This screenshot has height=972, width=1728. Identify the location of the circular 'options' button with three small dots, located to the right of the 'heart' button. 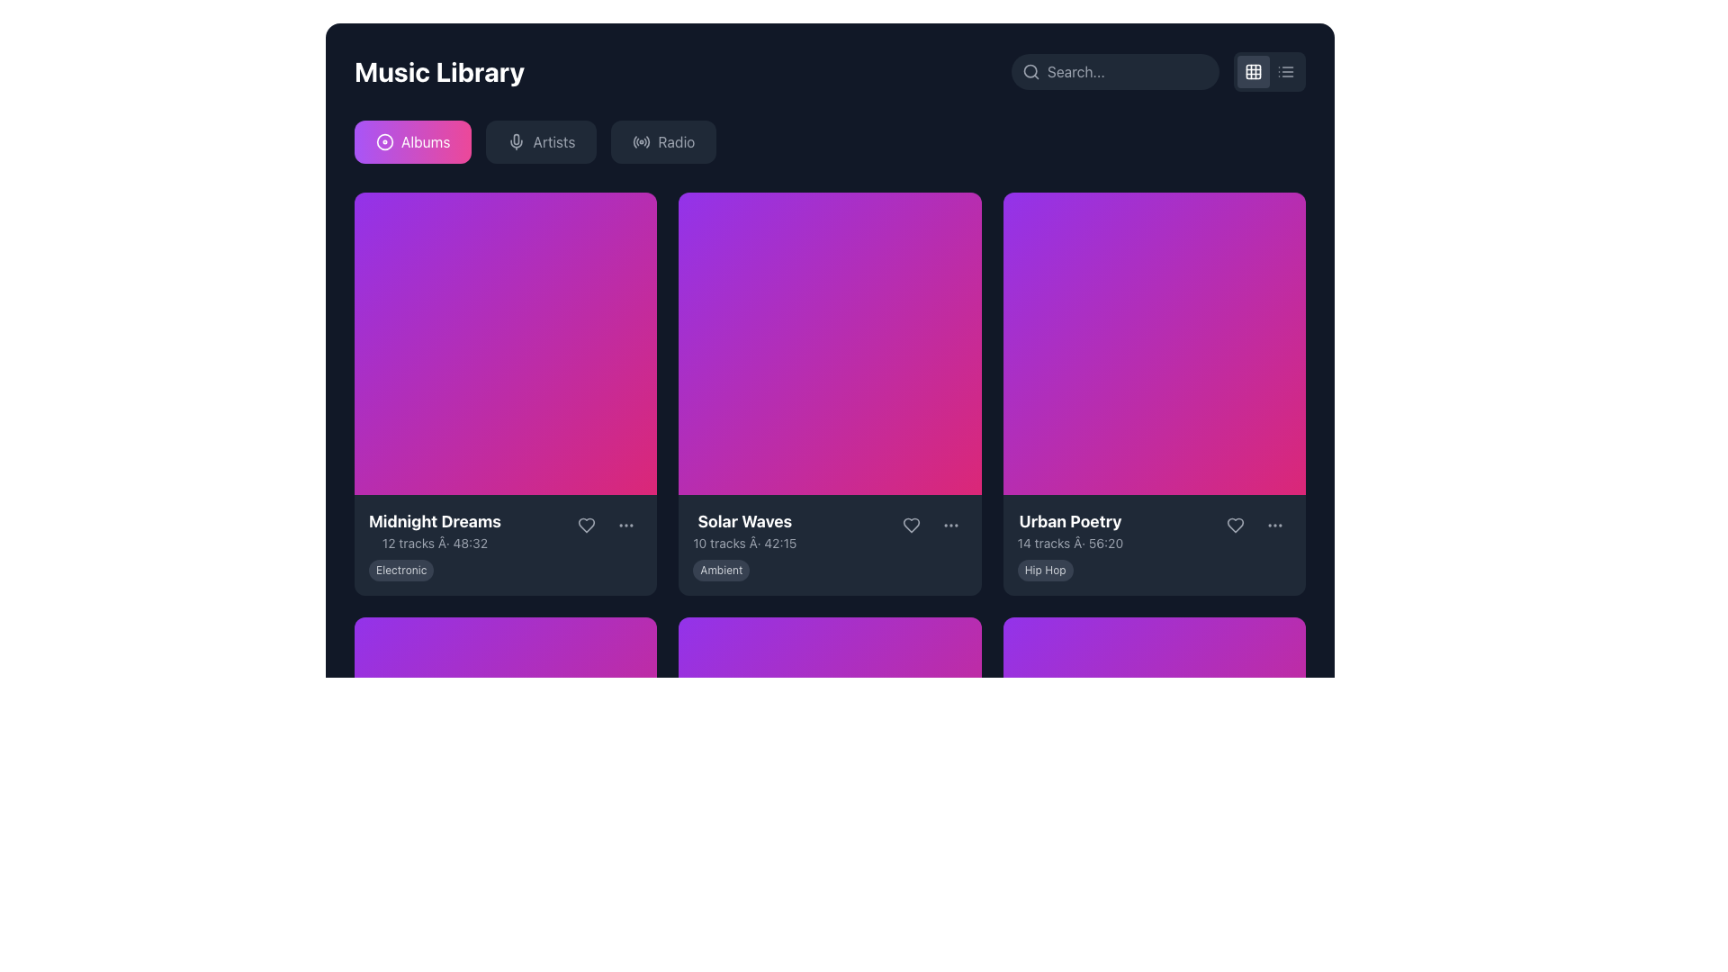
(626, 525).